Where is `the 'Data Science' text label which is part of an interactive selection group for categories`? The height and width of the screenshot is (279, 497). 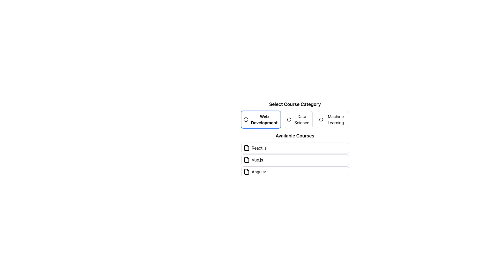 the 'Data Science' text label which is part of an interactive selection group for categories is located at coordinates (302, 119).